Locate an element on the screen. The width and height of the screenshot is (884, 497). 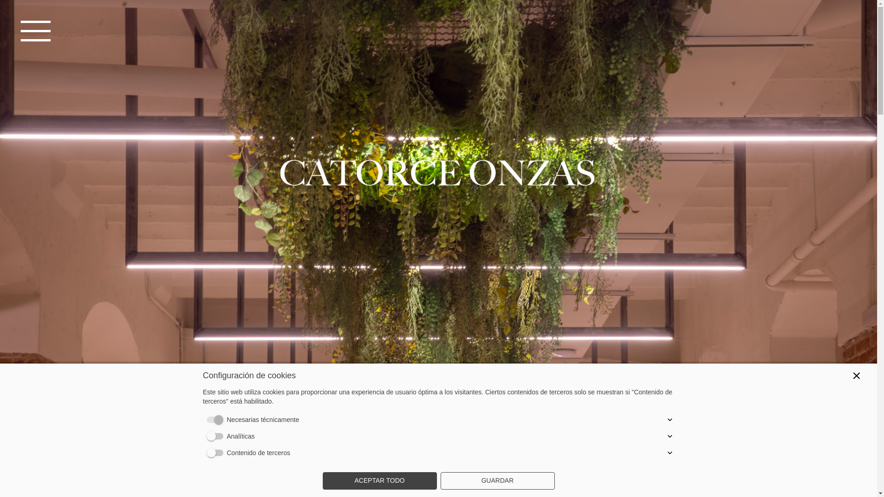
'ACEPTAR TODO' is located at coordinates (379, 480).